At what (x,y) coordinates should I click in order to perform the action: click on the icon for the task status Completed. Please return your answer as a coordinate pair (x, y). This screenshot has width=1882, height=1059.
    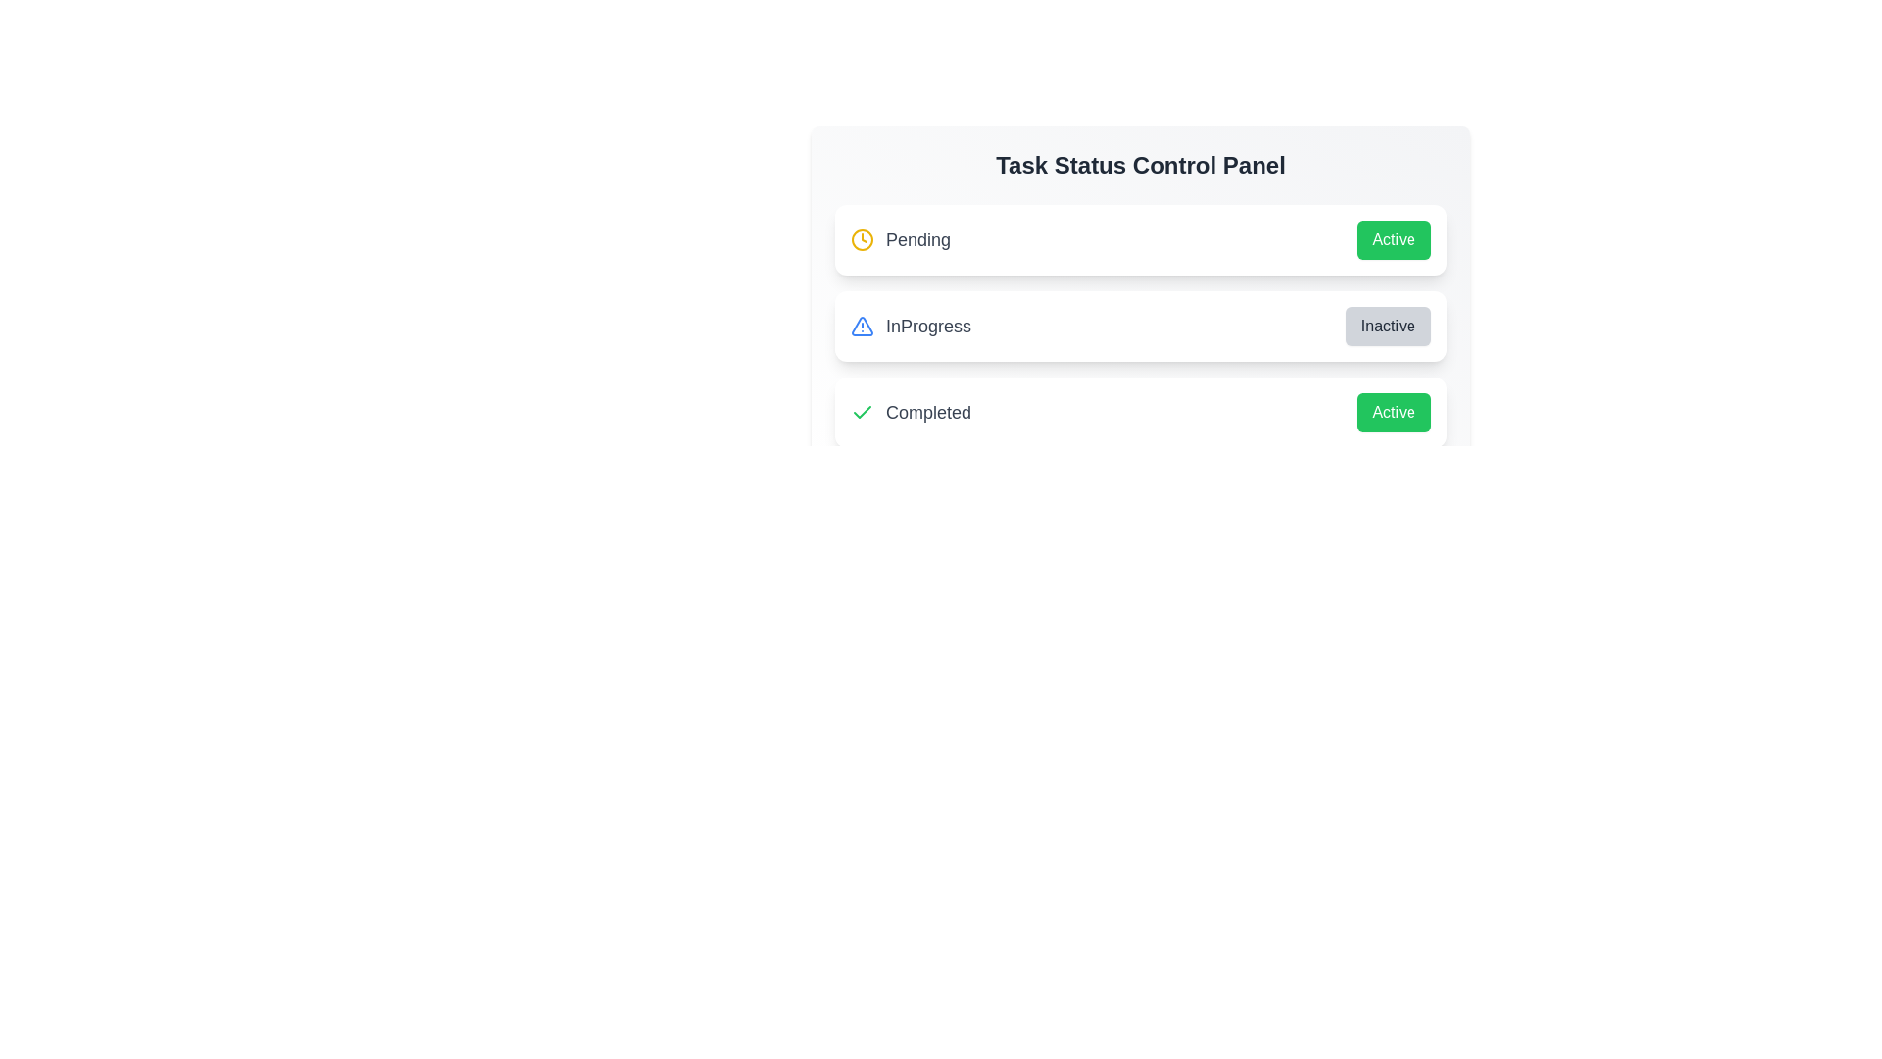
    Looking at the image, I should click on (862, 411).